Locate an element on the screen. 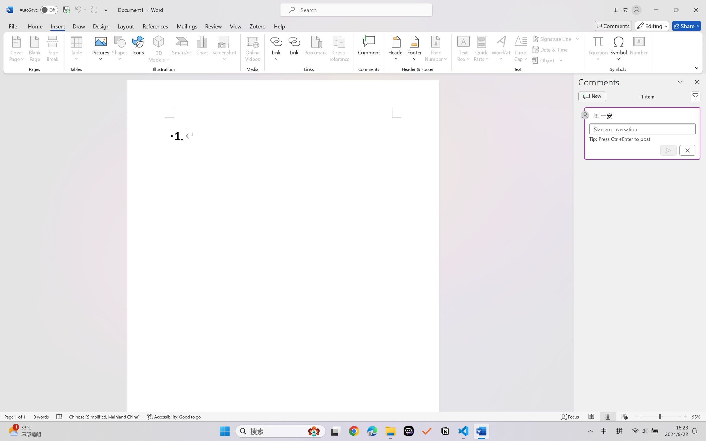  'Equation' is located at coordinates (598, 41).